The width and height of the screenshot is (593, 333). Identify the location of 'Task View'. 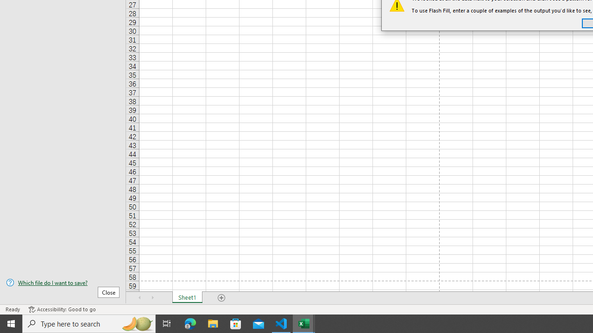
(166, 323).